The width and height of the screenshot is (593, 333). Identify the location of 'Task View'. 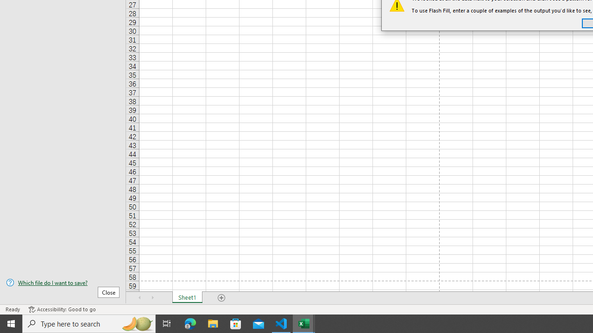
(166, 323).